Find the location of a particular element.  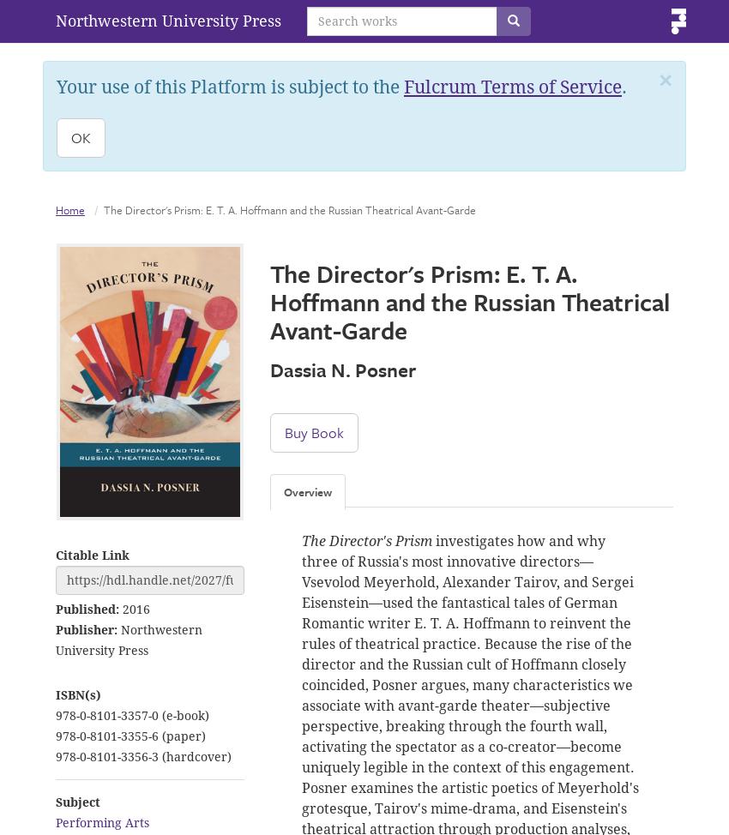

'.' is located at coordinates (624, 86).